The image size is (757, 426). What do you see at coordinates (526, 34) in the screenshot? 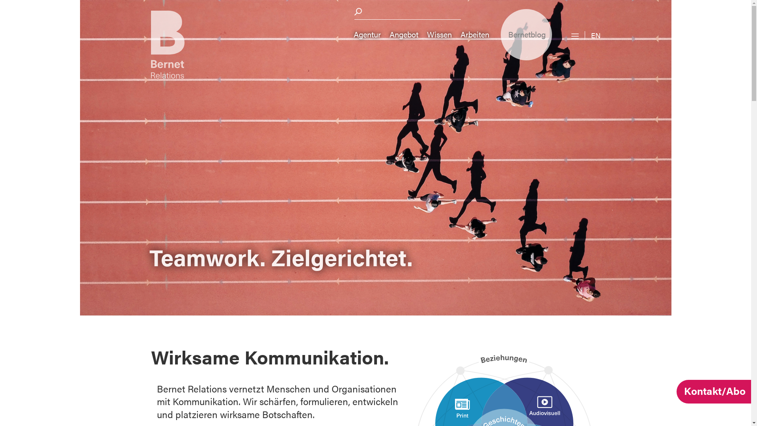
I see `'Bernetblog'` at bounding box center [526, 34].